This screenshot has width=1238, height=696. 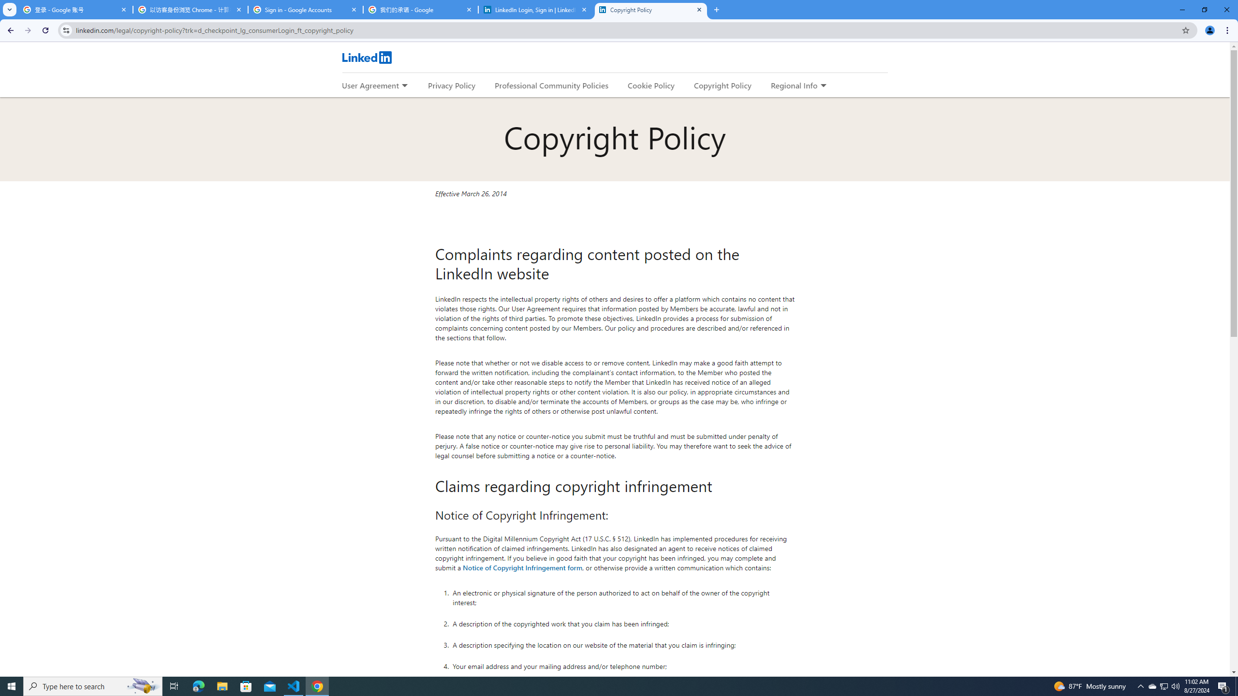 What do you see at coordinates (552, 85) in the screenshot?
I see `'Professional Community Policies'` at bounding box center [552, 85].